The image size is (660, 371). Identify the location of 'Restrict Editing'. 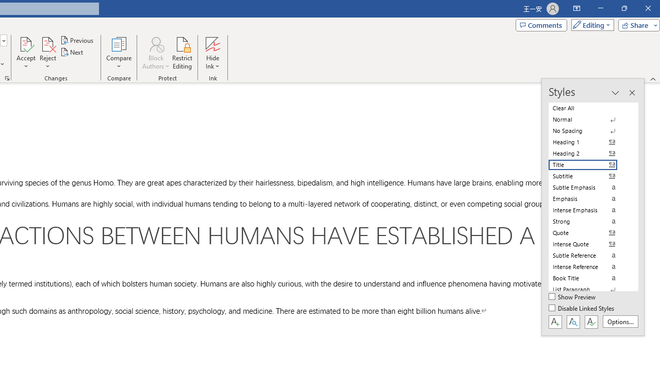
(182, 53).